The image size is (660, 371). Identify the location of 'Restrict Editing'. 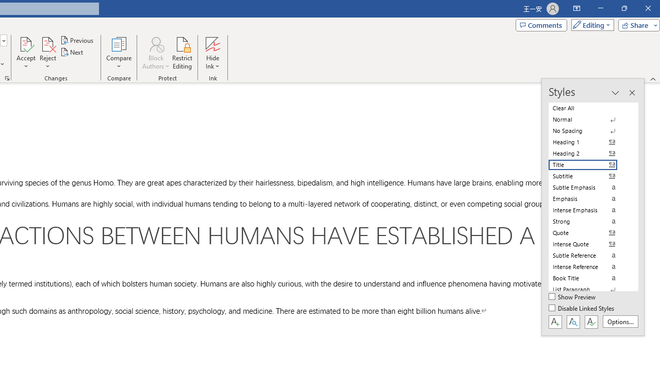
(182, 53).